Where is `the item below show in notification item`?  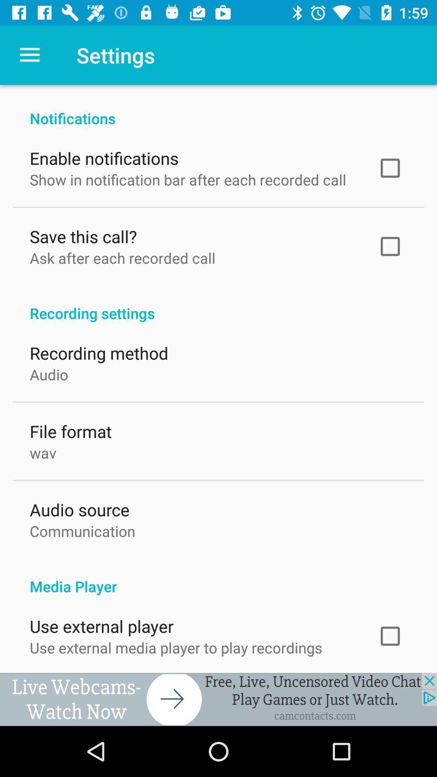 the item below show in notification item is located at coordinates (83, 234).